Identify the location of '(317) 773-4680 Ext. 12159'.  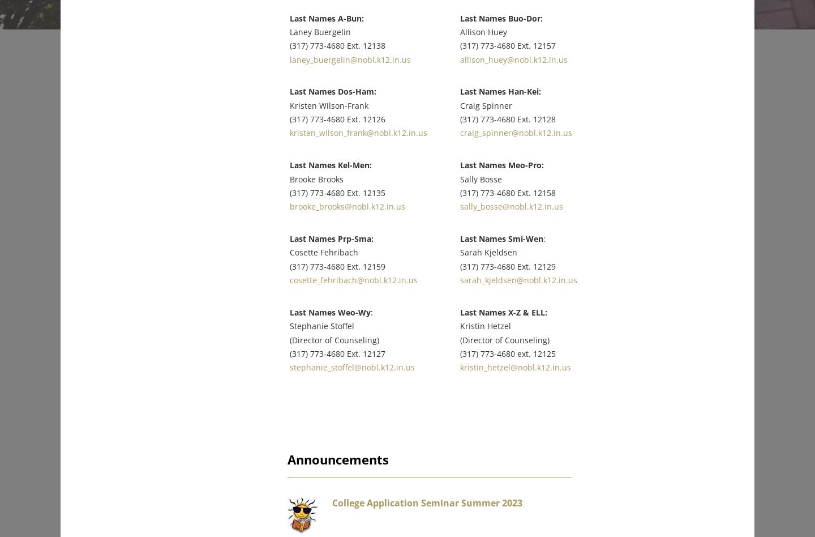
(349, 258).